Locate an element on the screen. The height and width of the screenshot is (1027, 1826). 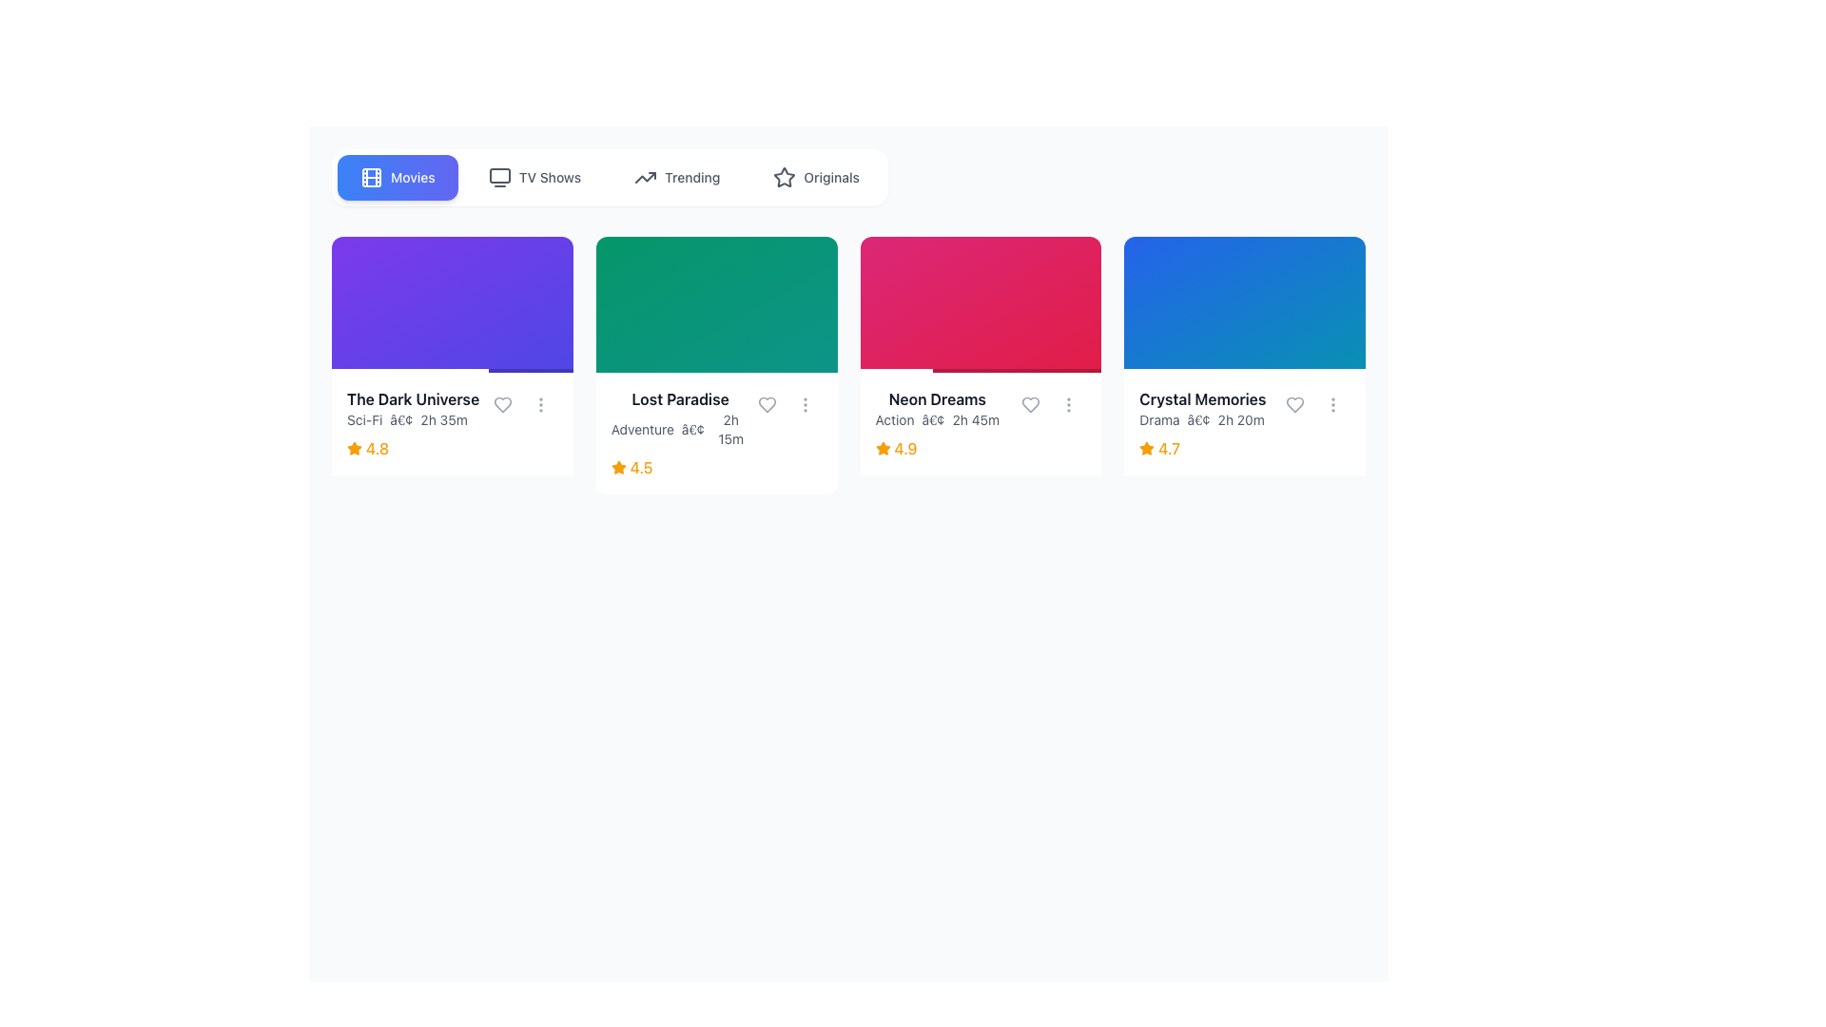
the text separator located between 'Action' and '2h 45m' within the description area of the 'Neon Dreams' card is located at coordinates (933, 418).